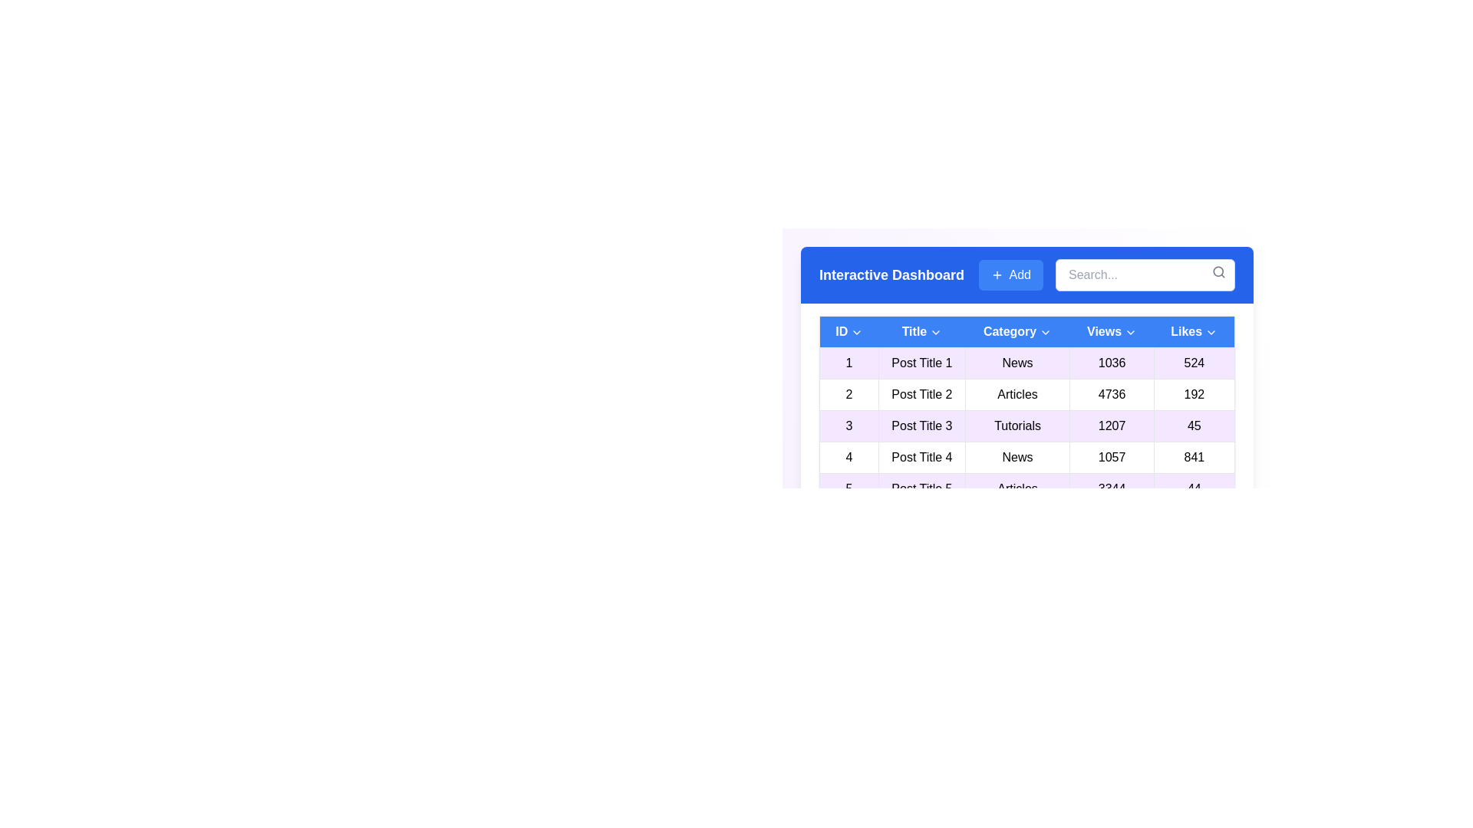  What do you see at coordinates (1112, 330) in the screenshot?
I see `the column header to sort by Views` at bounding box center [1112, 330].